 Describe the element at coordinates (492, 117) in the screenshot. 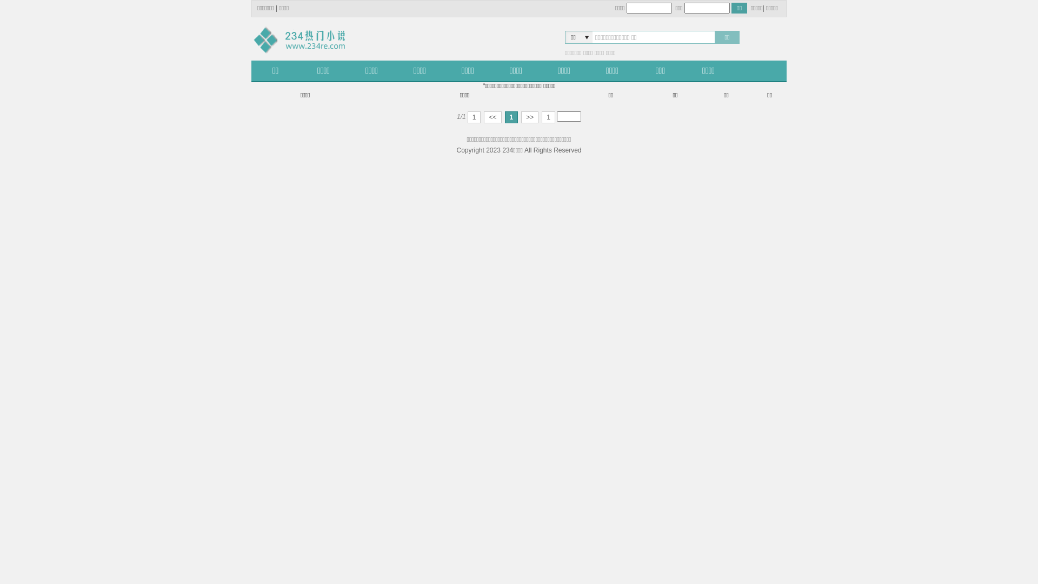

I see `'<<'` at that location.